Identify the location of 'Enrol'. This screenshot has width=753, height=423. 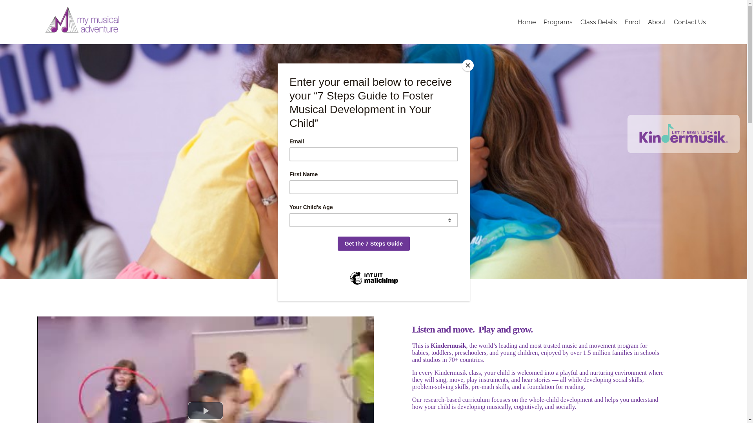
(632, 22).